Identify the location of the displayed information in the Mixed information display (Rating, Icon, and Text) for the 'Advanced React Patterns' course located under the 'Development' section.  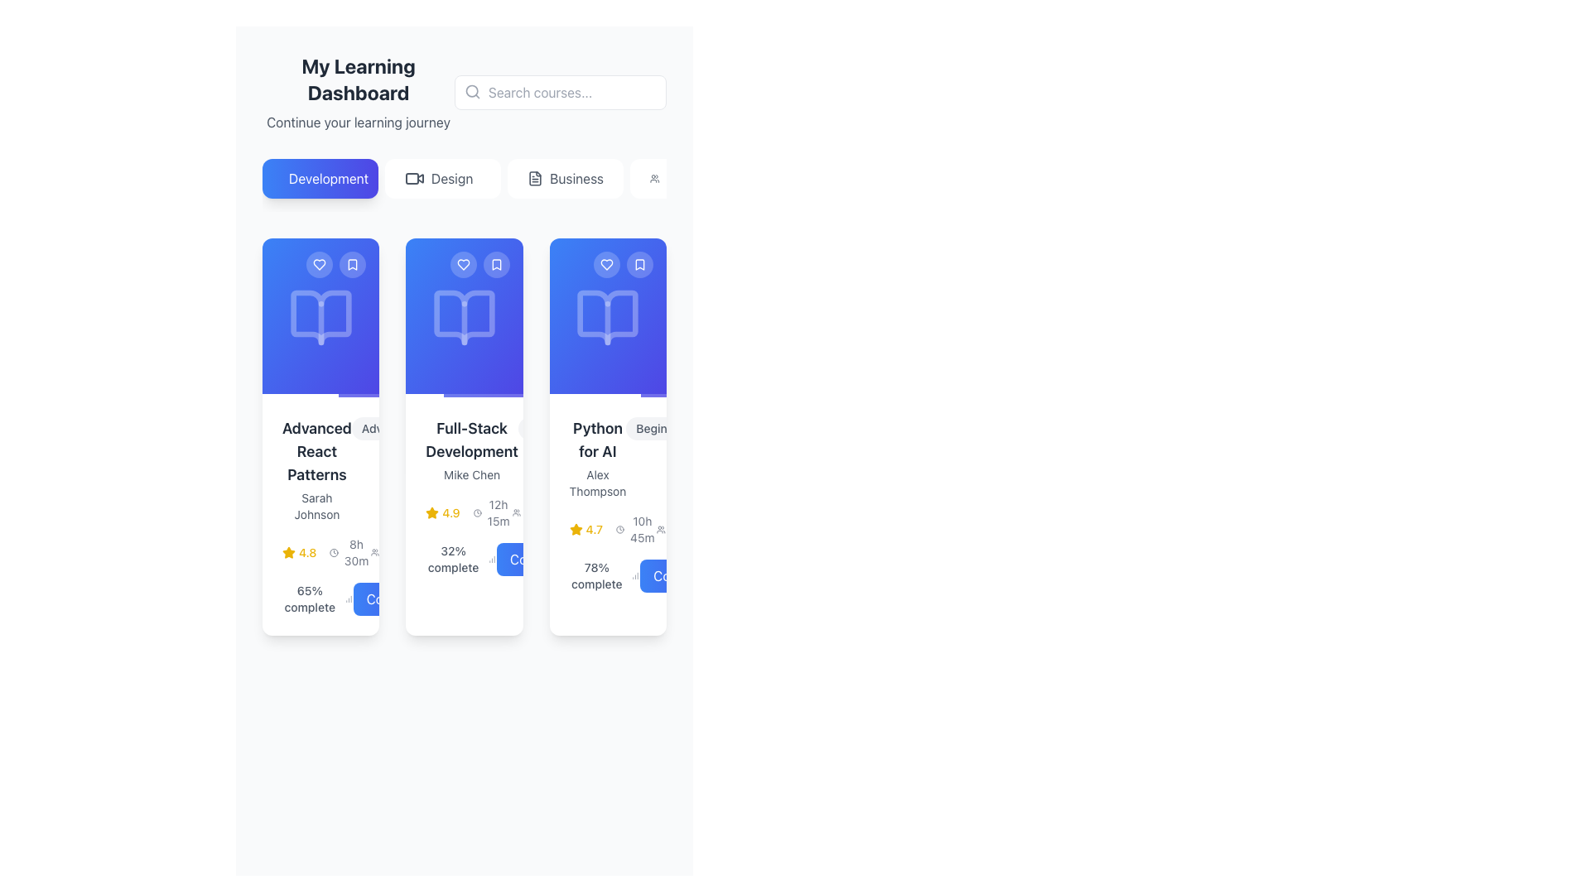
(326, 552).